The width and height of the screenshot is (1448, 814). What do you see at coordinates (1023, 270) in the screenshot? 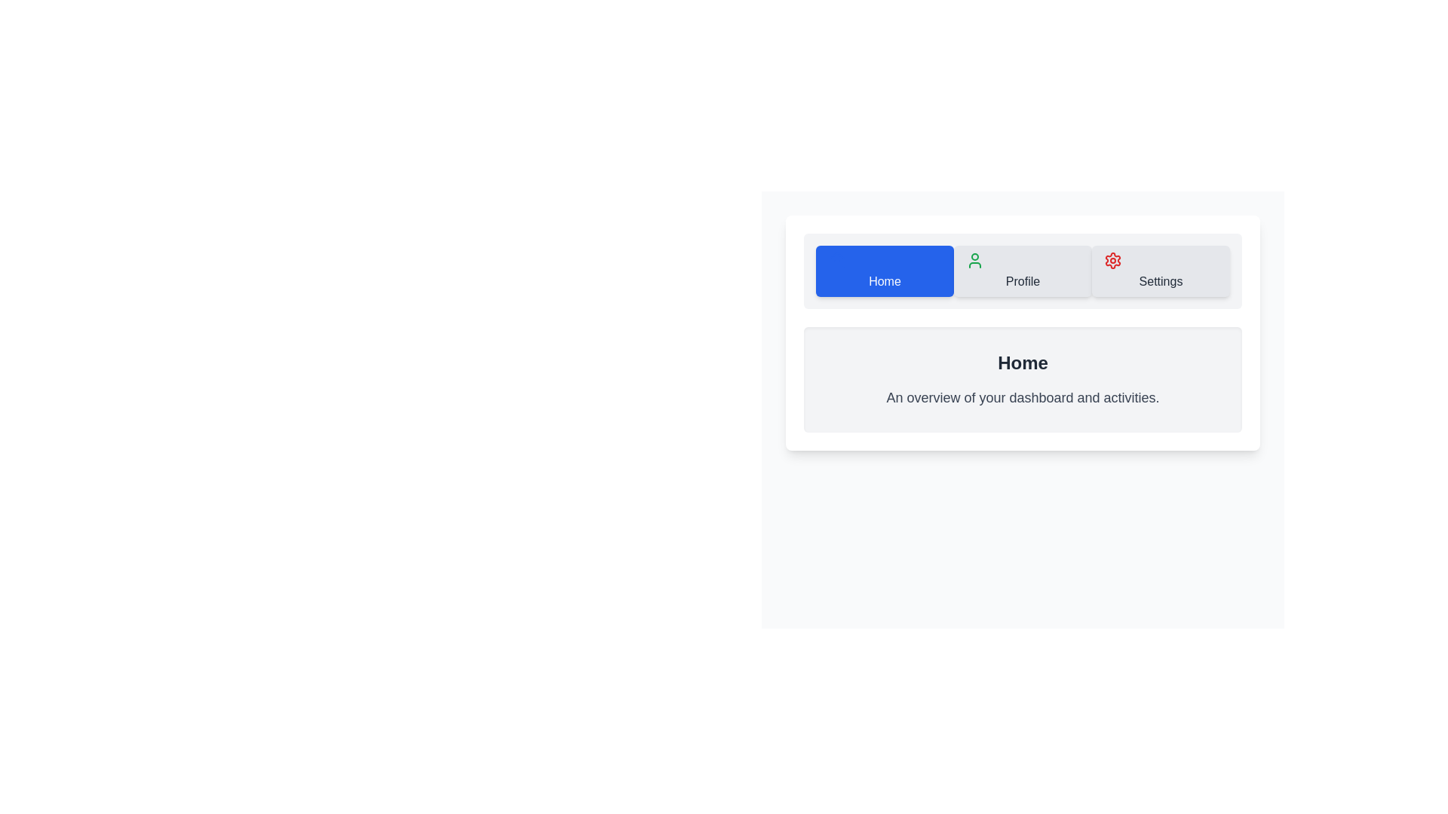
I see `the Profile tab to observe its hover effect` at bounding box center [1023, 270].